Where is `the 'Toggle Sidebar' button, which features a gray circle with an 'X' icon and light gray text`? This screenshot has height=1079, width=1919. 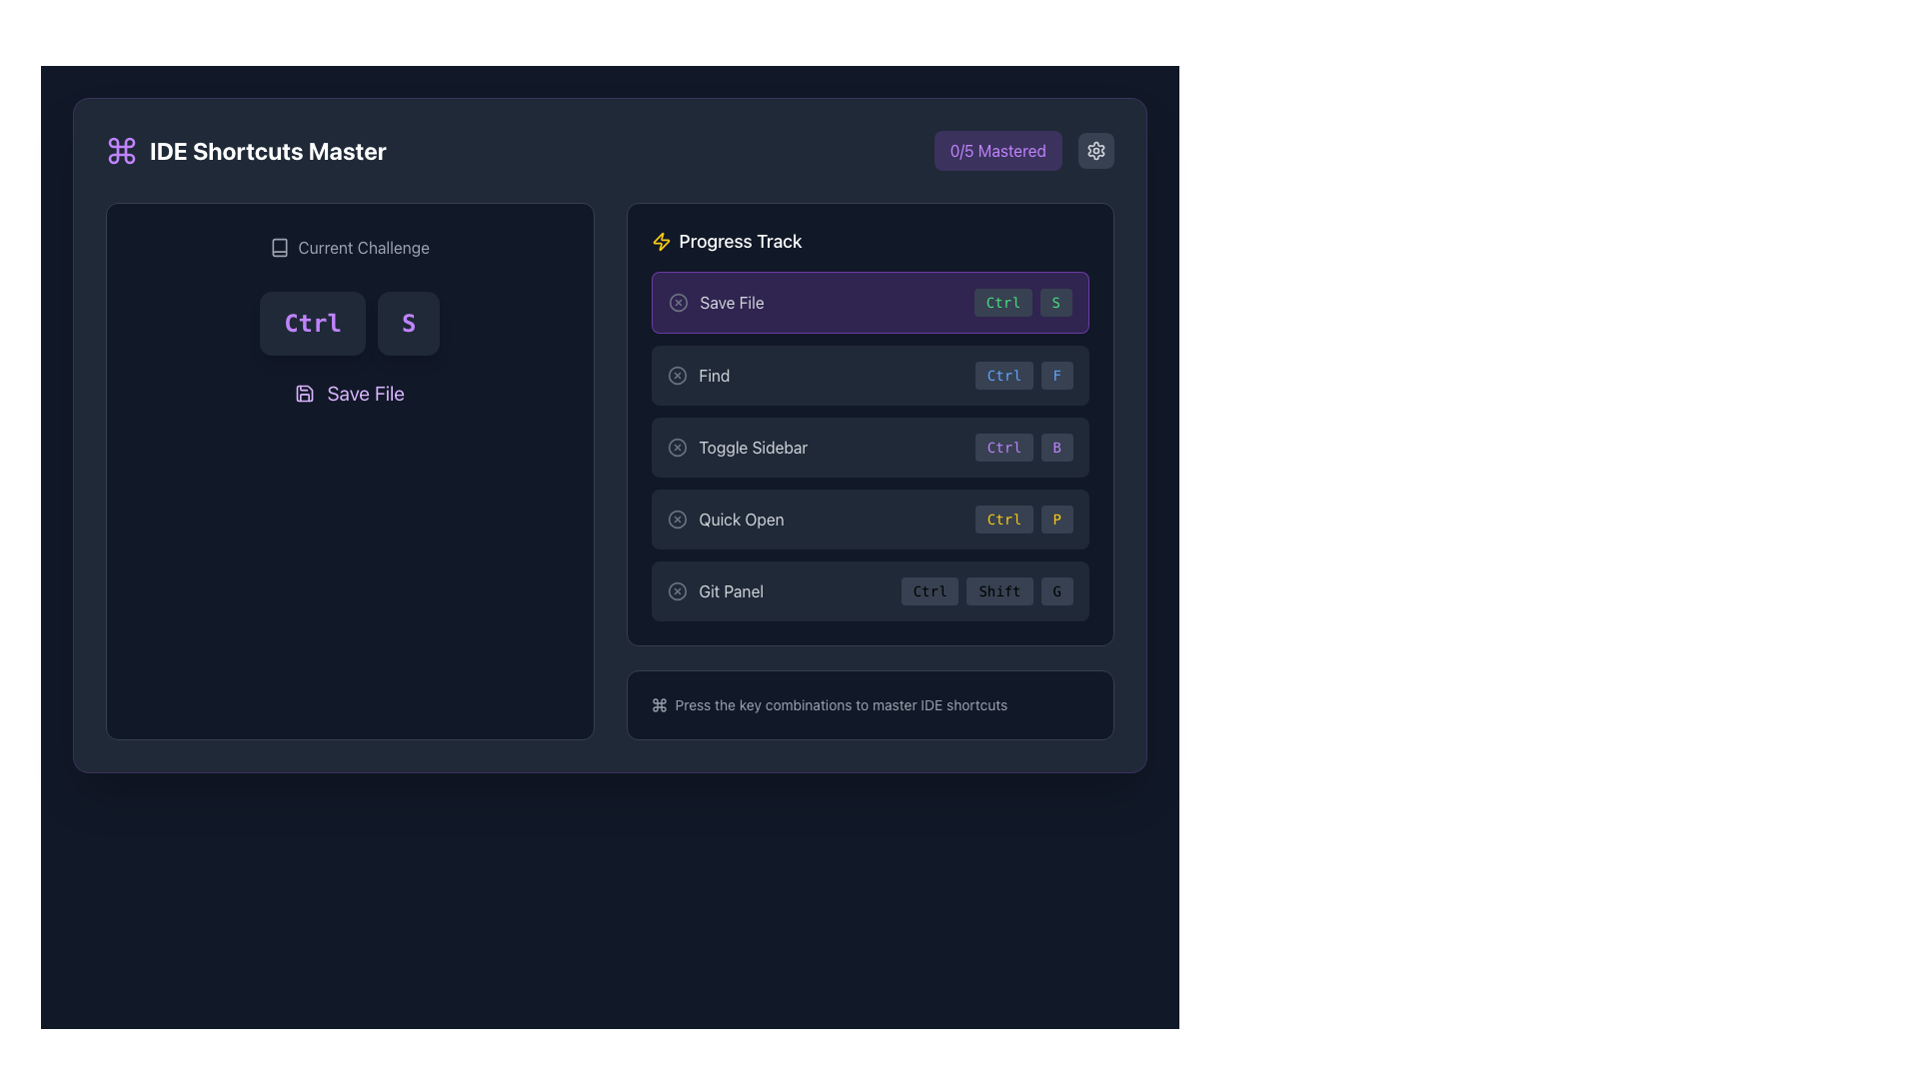 the 'Toggle Sidebar' button, which features a gray circle with an 'X' icon and light gray text is located at coordinates (736, 446).